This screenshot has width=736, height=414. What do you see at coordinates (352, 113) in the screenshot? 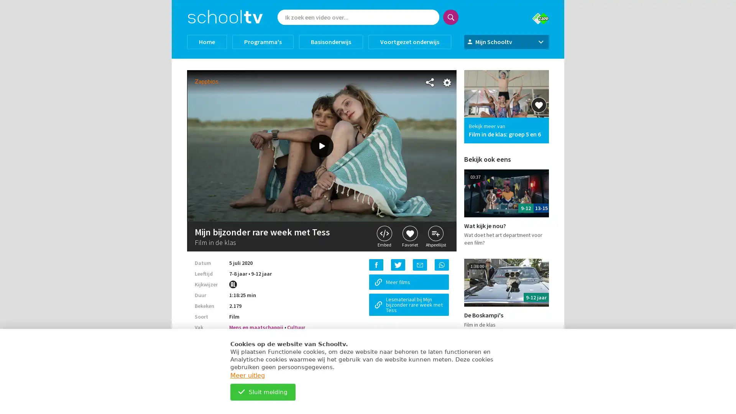
I see `Nee` at bounding box center [352, 113].